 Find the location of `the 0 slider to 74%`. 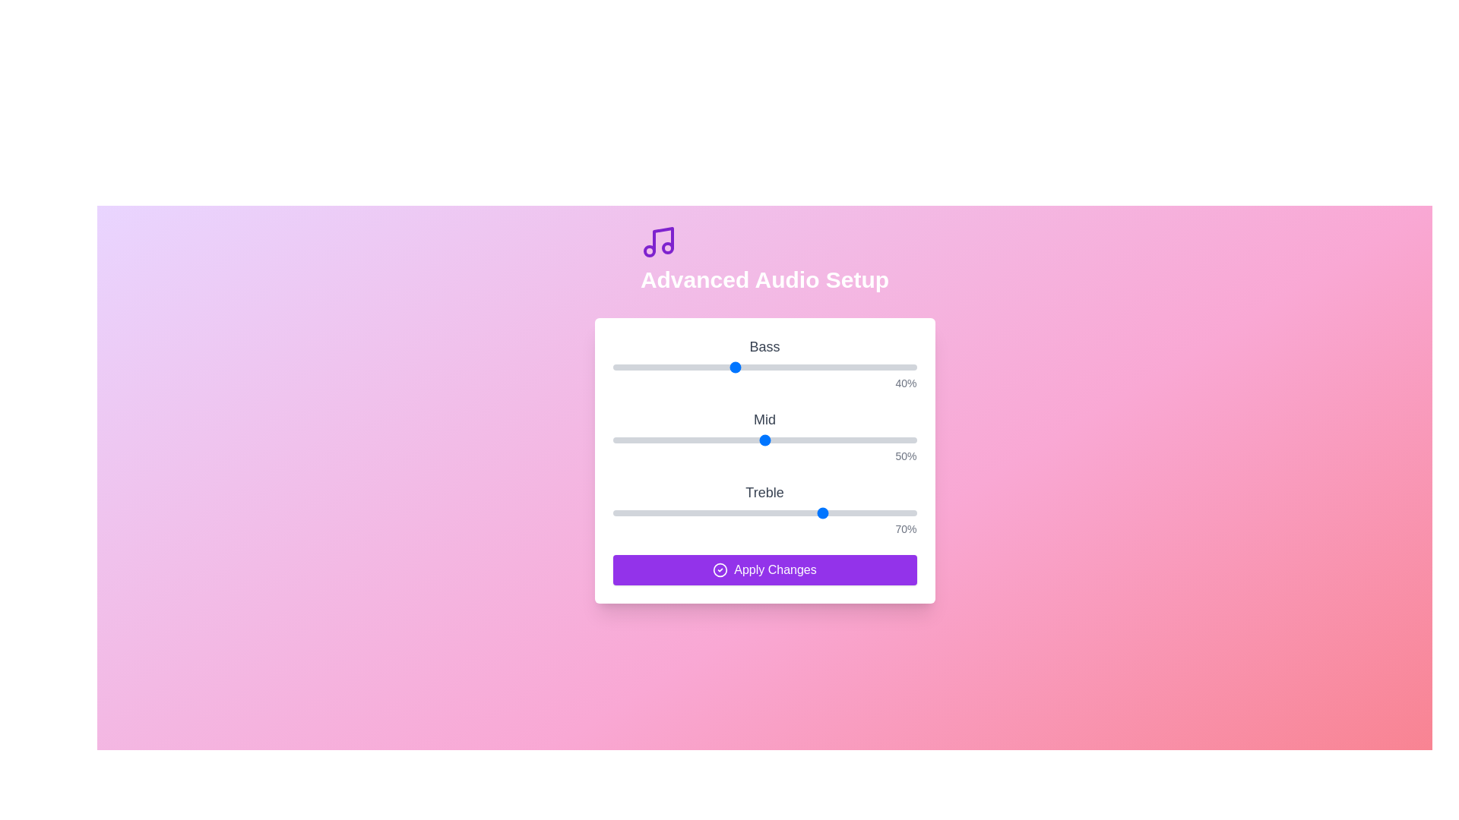

the 0 slider to 74% is located at coordinates (837, 367).